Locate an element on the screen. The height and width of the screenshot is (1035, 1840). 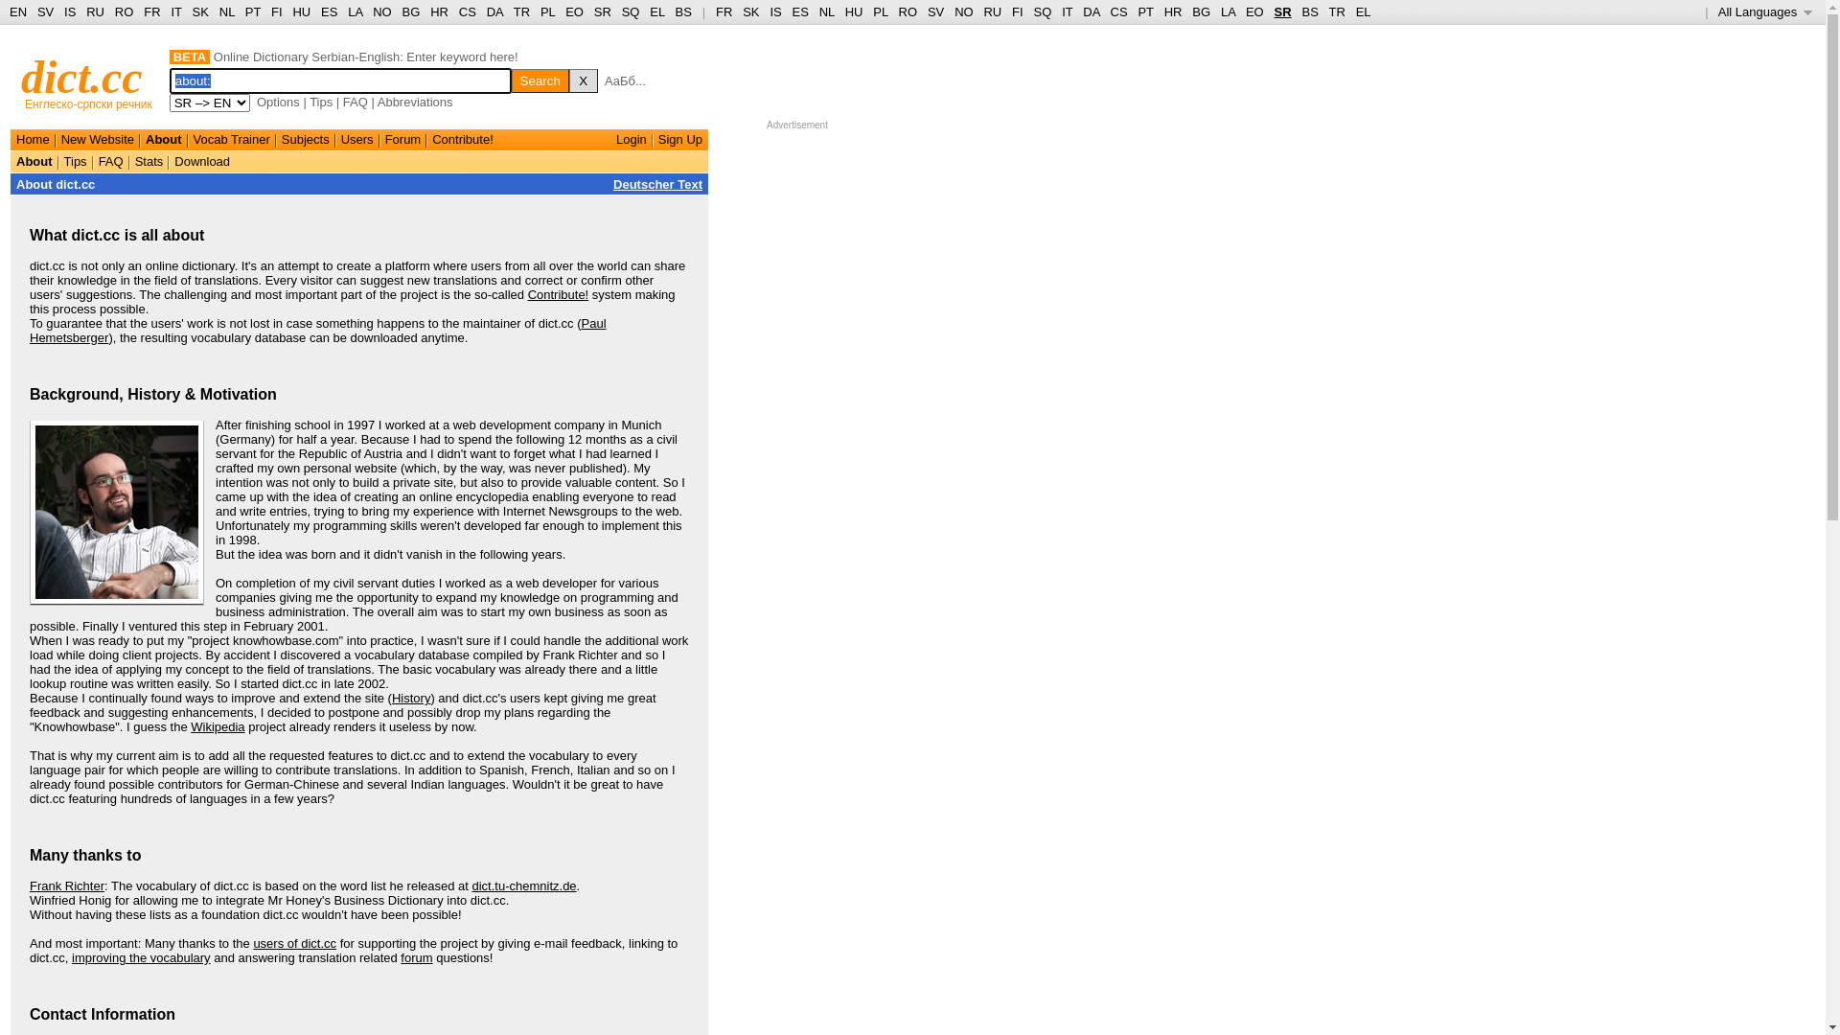
'SR' is located at coordinates (601, 11).